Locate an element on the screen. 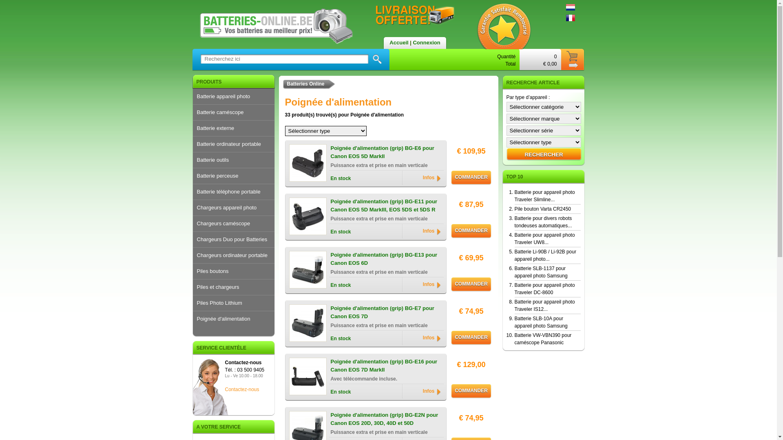 This screenshot has height=440, width=783. 'Batterie appareil photo' is located at coordinates (232, 96).